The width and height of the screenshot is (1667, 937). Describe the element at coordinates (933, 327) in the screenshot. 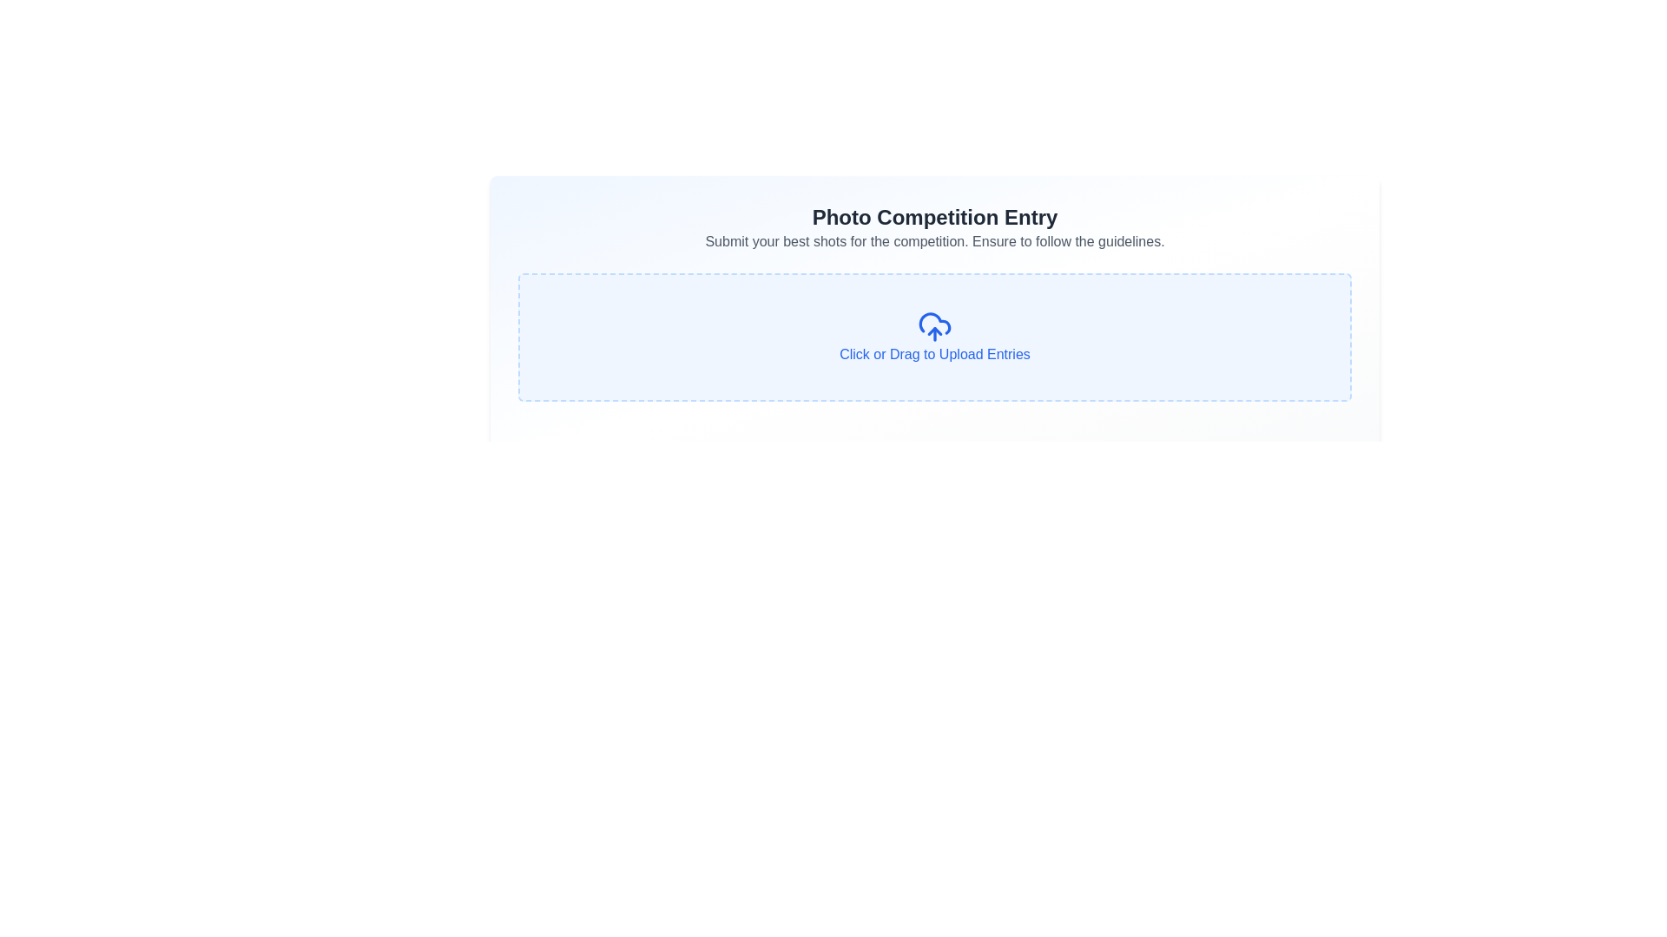

I see `the upload icon located within the 'Click or Drag to Upload Entries' area, which serves as a focal point for uploading files` at that location.